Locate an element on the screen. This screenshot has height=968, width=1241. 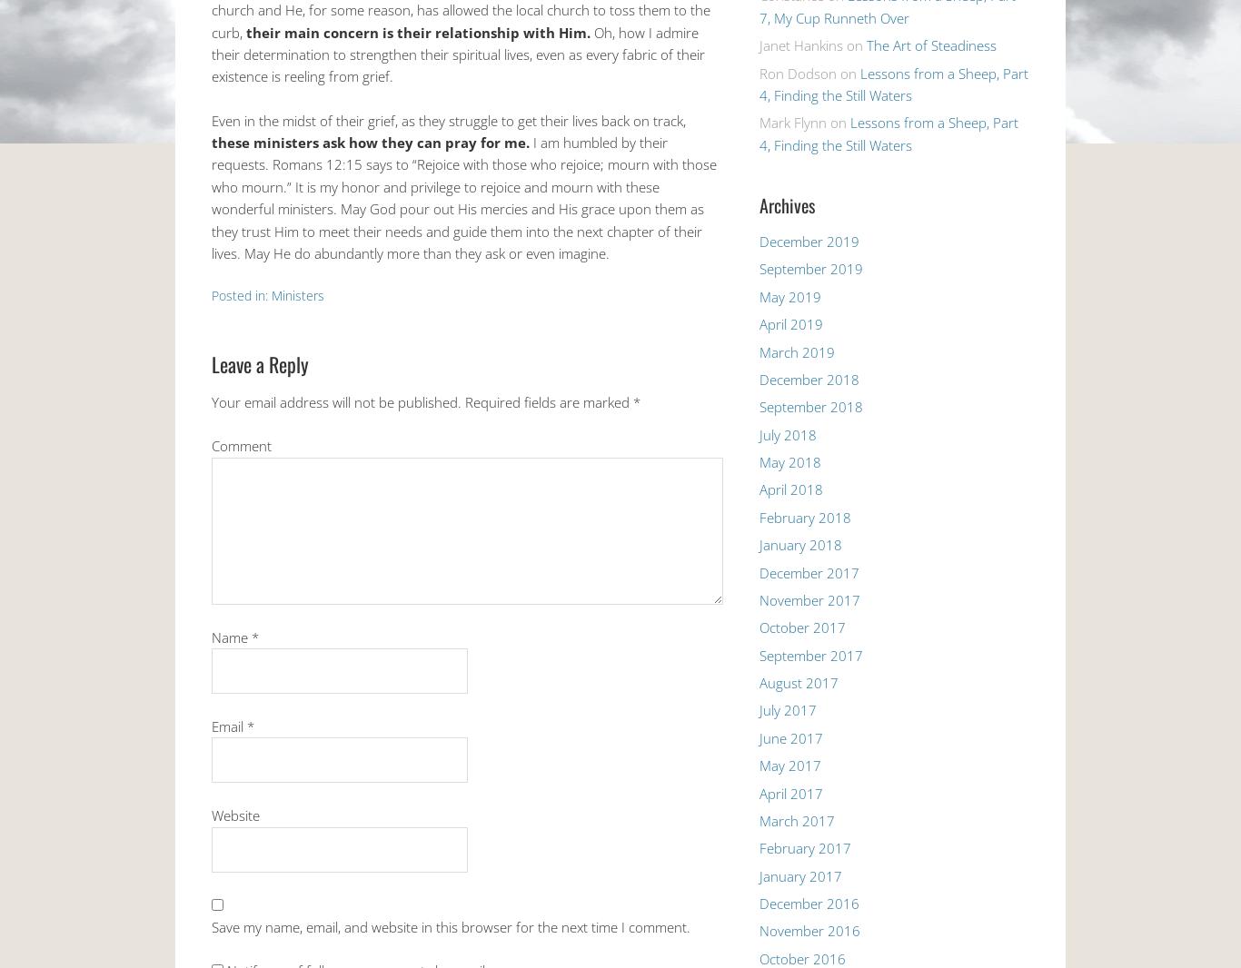
'May 2018' is located at coordinates (758, 462).